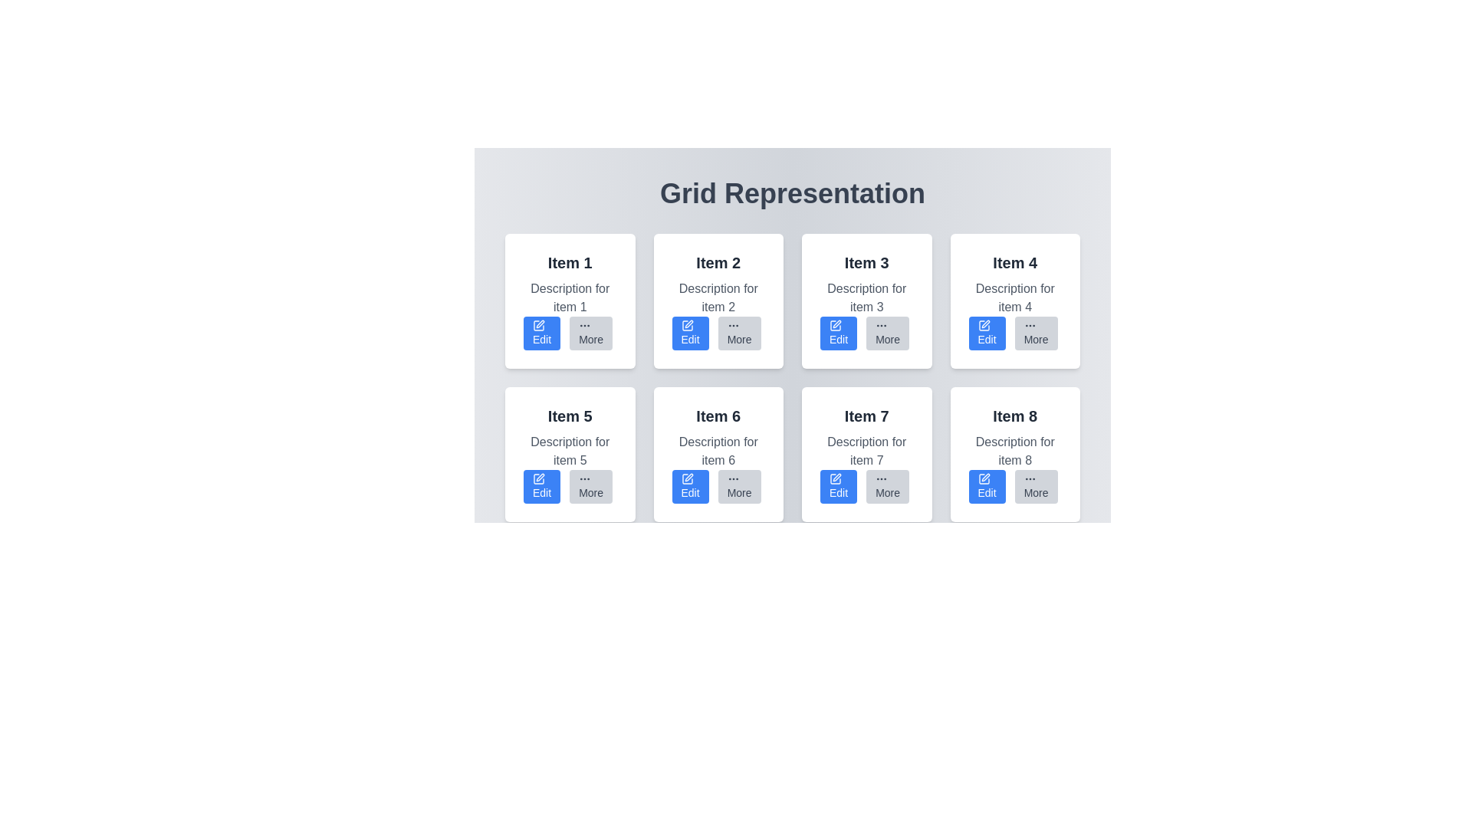 The height and width of the screenshot is (828, 1472). I want to click on the descriptive text block for 'Item 8' located in the bottom-right card of the grid layout, so click(1015, 451).